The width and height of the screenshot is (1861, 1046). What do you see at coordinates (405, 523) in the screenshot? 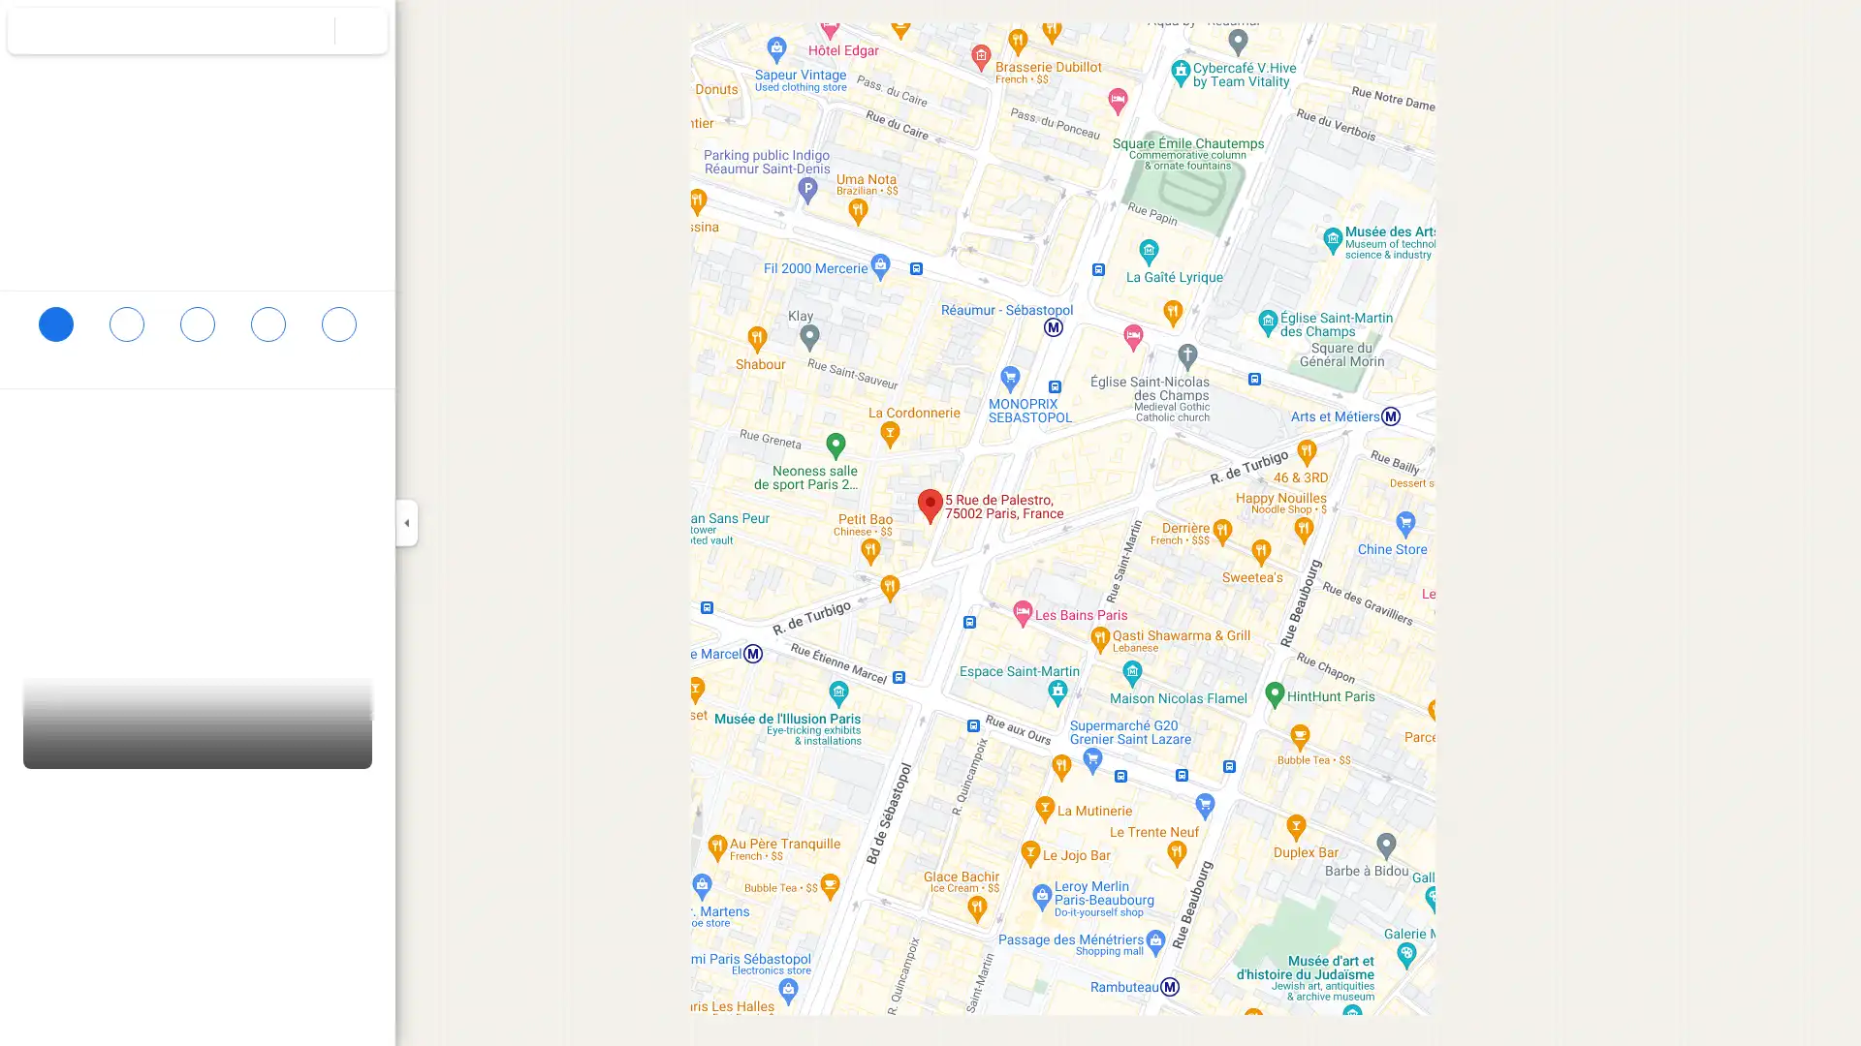
I see `Collapse side panel` at bounding box center [405, 523].